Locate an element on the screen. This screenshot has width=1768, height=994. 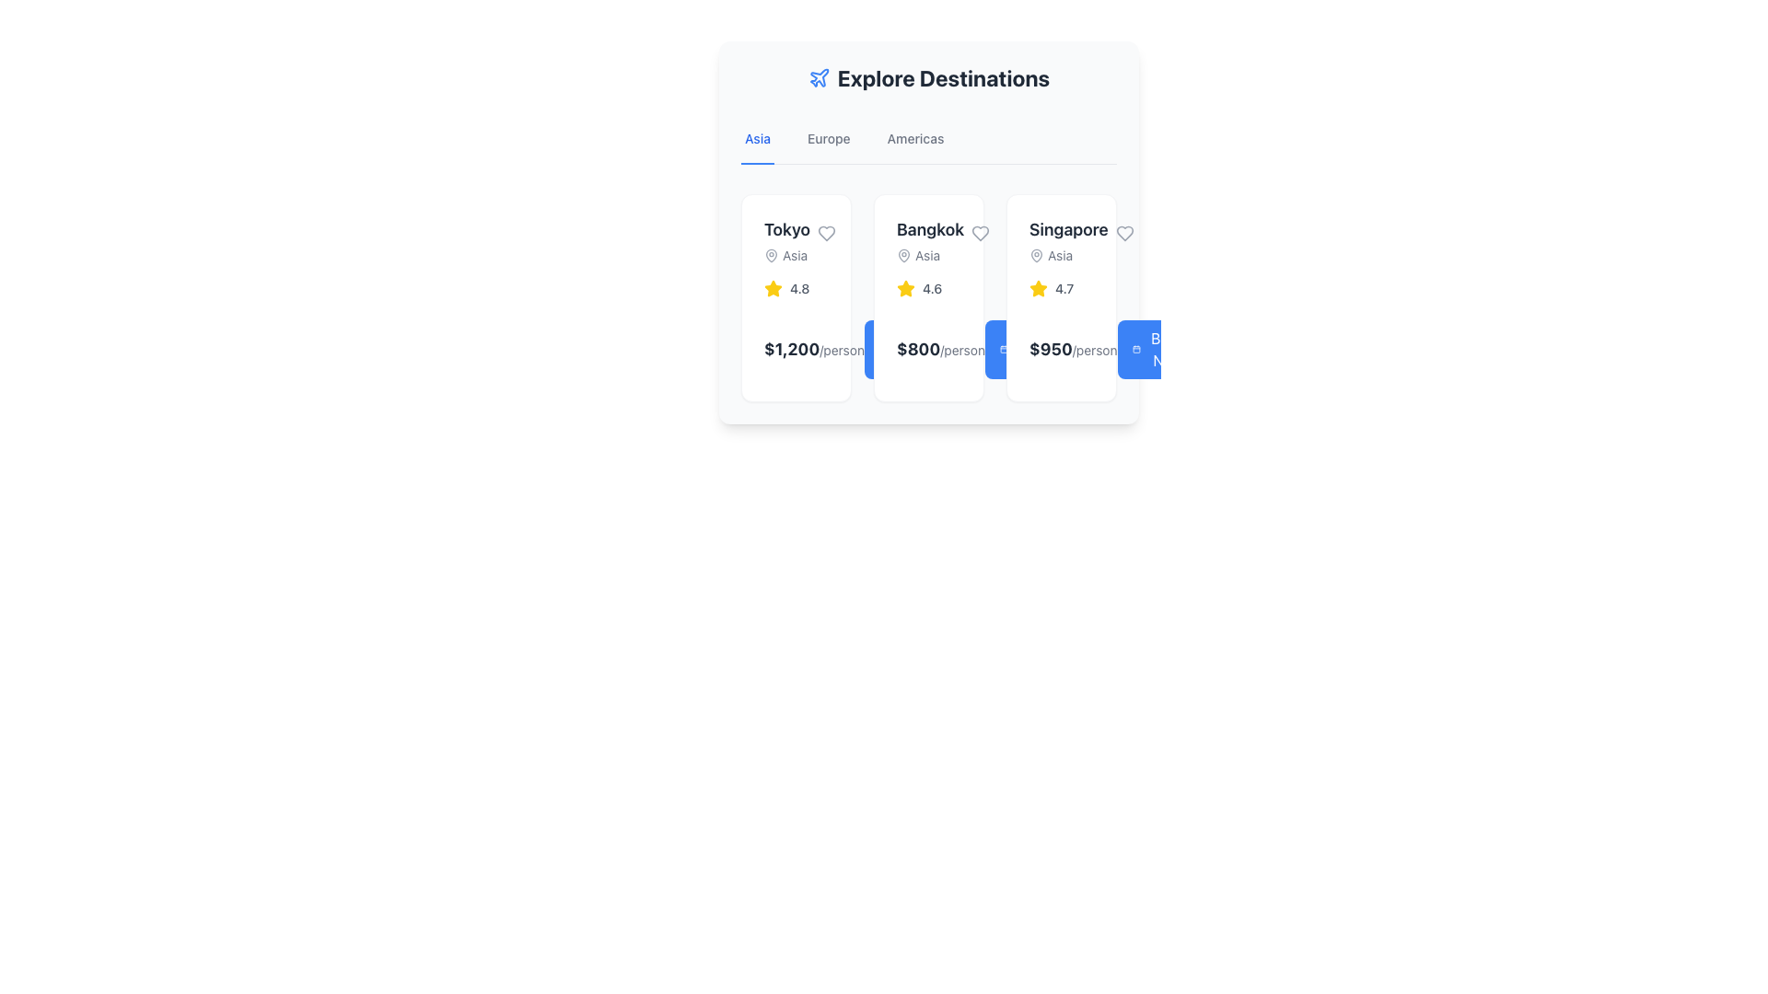
title text label located at the top of the leftmost card in a horizontally arranged card layout, which indicates the name of the destination is located at coordinates (786, 229).